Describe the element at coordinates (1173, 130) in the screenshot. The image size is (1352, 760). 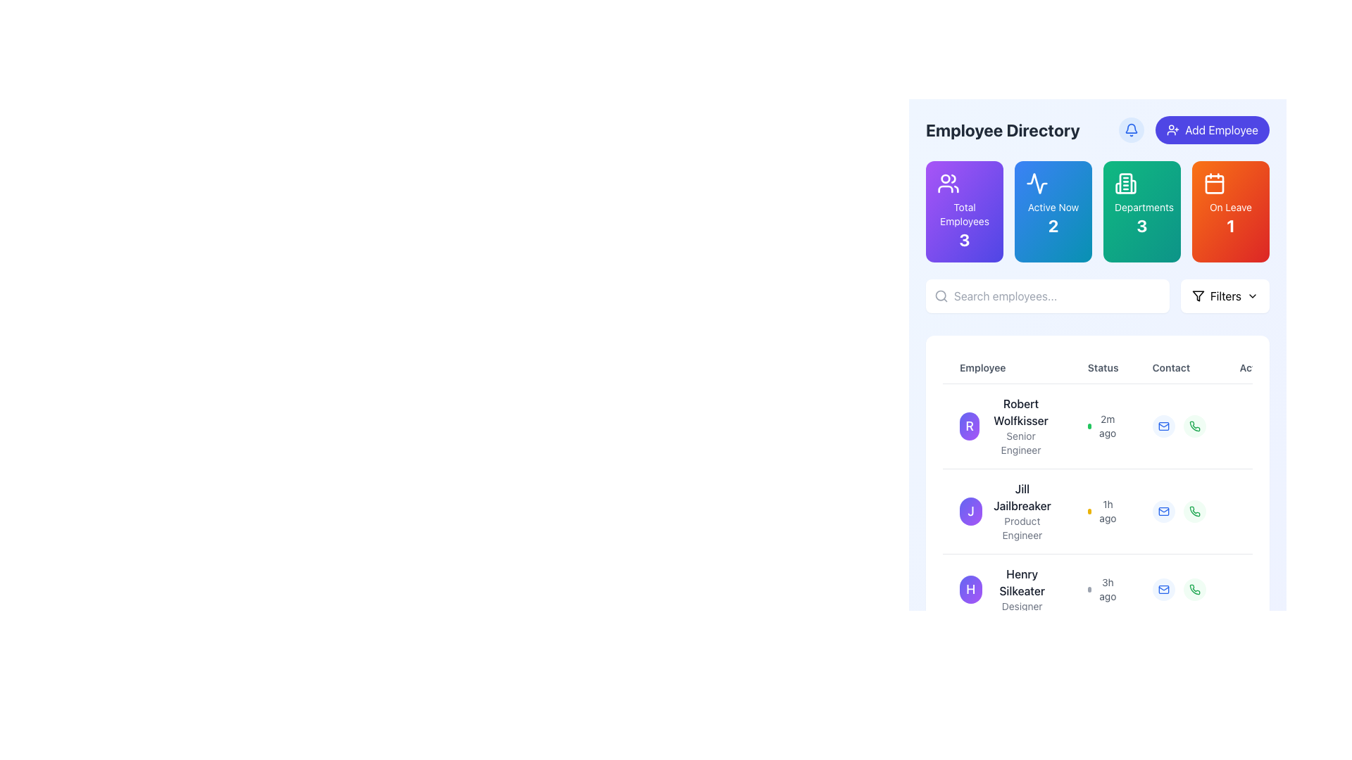
I see `the user silhouette icon with a plus sign that is part of the 'Add Employee' button, located near the top-right corner of the interface` at that location.